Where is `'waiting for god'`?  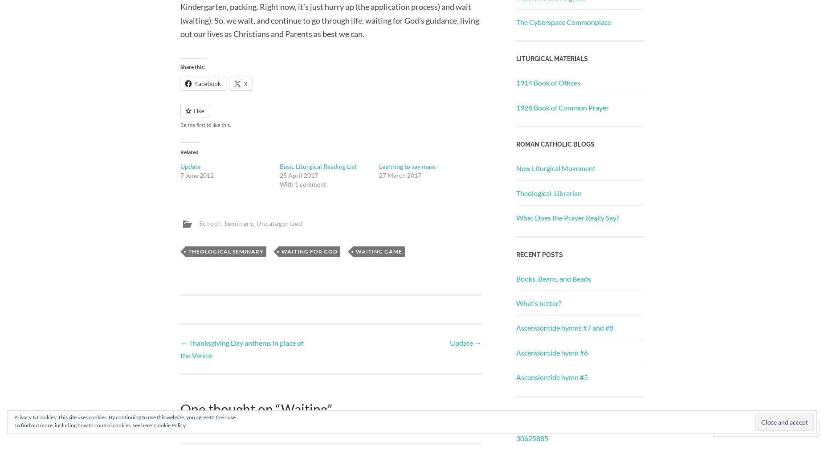 'waiting for god' is located at coordinates (281, 250).